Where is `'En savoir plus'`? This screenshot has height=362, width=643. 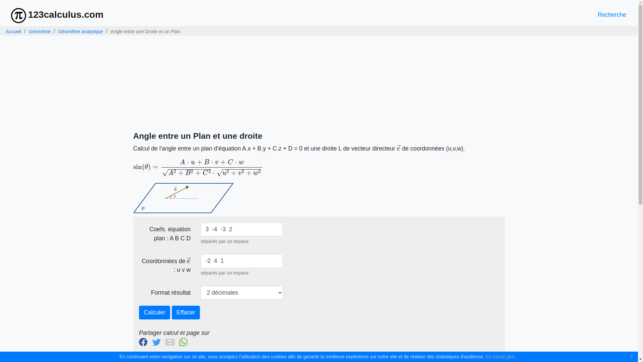 'En savoir plus' is located at coordinates (485, 356).